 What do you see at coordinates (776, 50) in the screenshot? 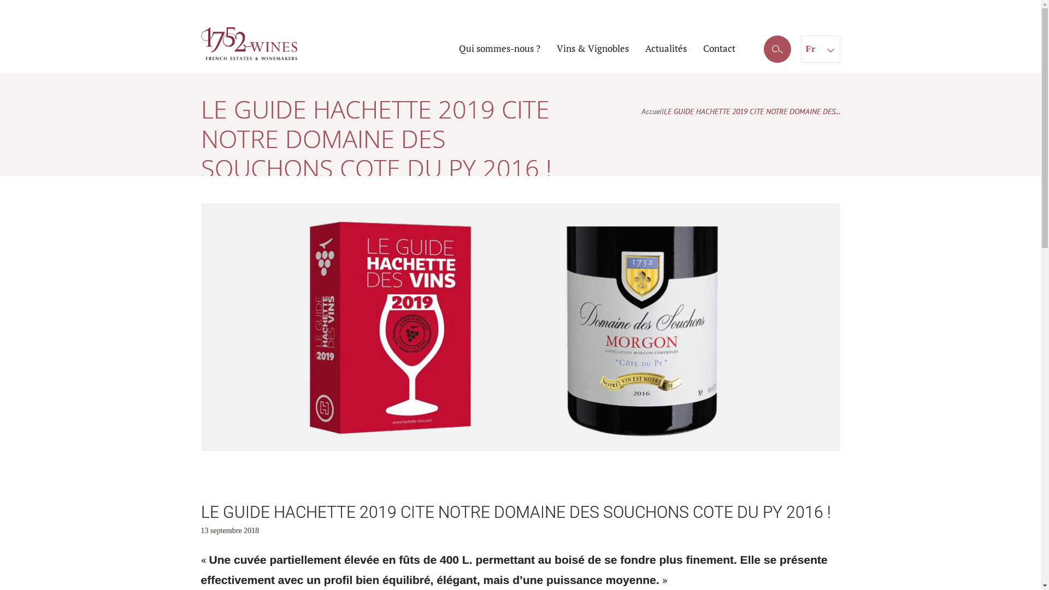
I see `'Open search'` at bounding box center [776, 50].